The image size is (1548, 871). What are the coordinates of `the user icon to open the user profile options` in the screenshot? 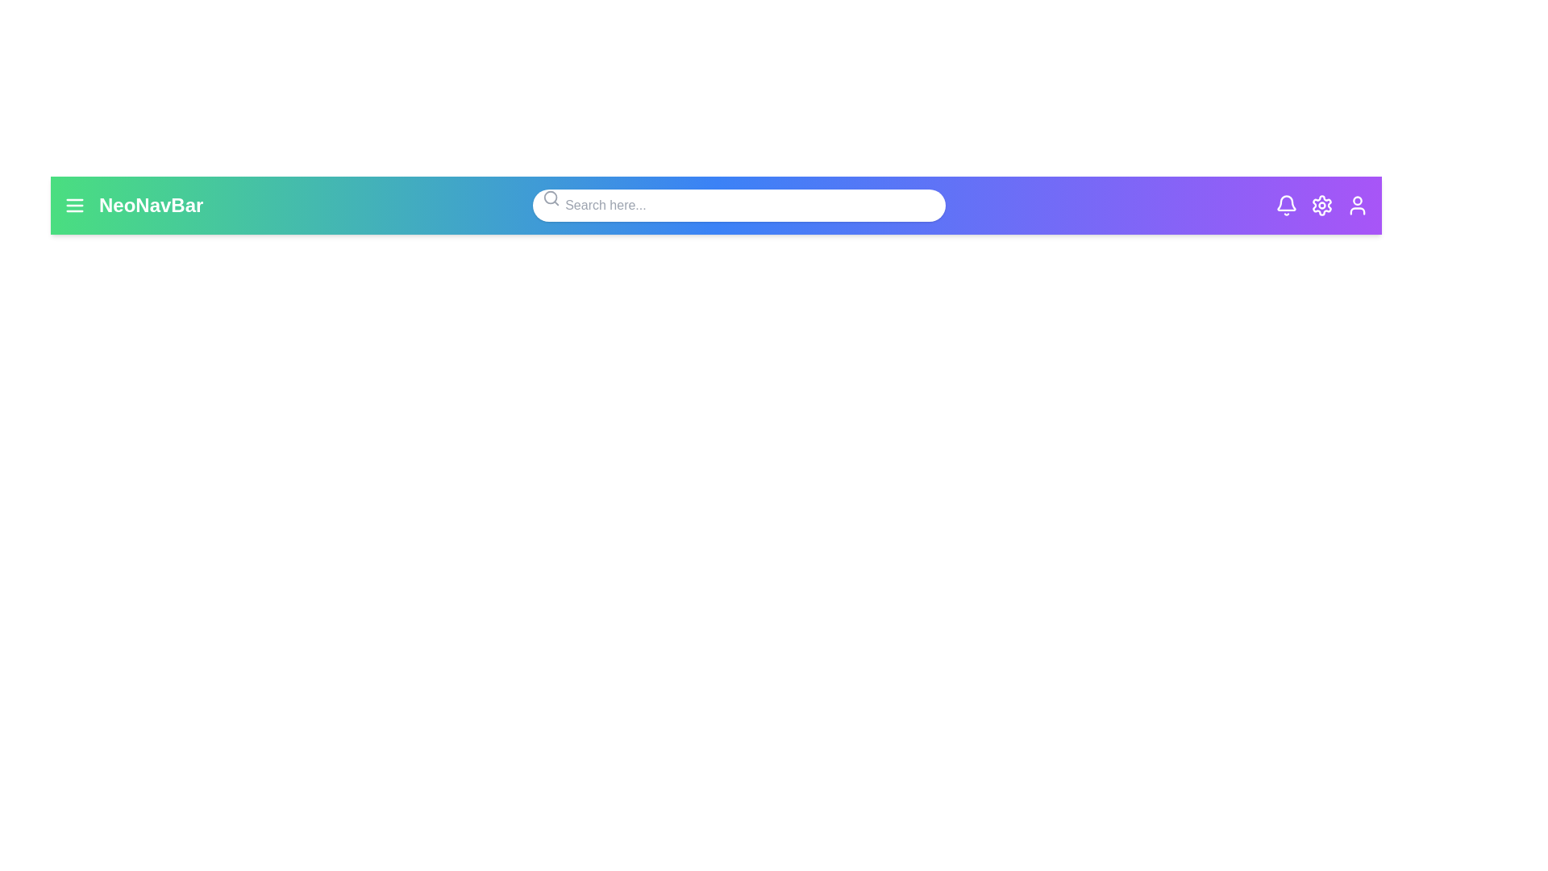 It's located at (1357, 204).